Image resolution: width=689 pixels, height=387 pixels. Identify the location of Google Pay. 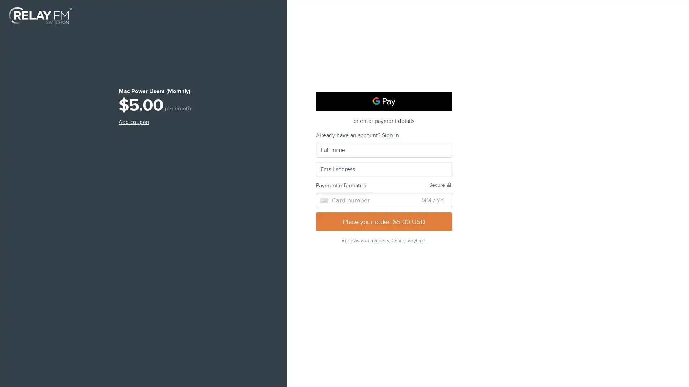
(384, 101).